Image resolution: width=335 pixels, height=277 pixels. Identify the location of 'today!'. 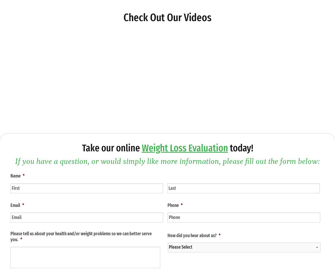
(240, 148).